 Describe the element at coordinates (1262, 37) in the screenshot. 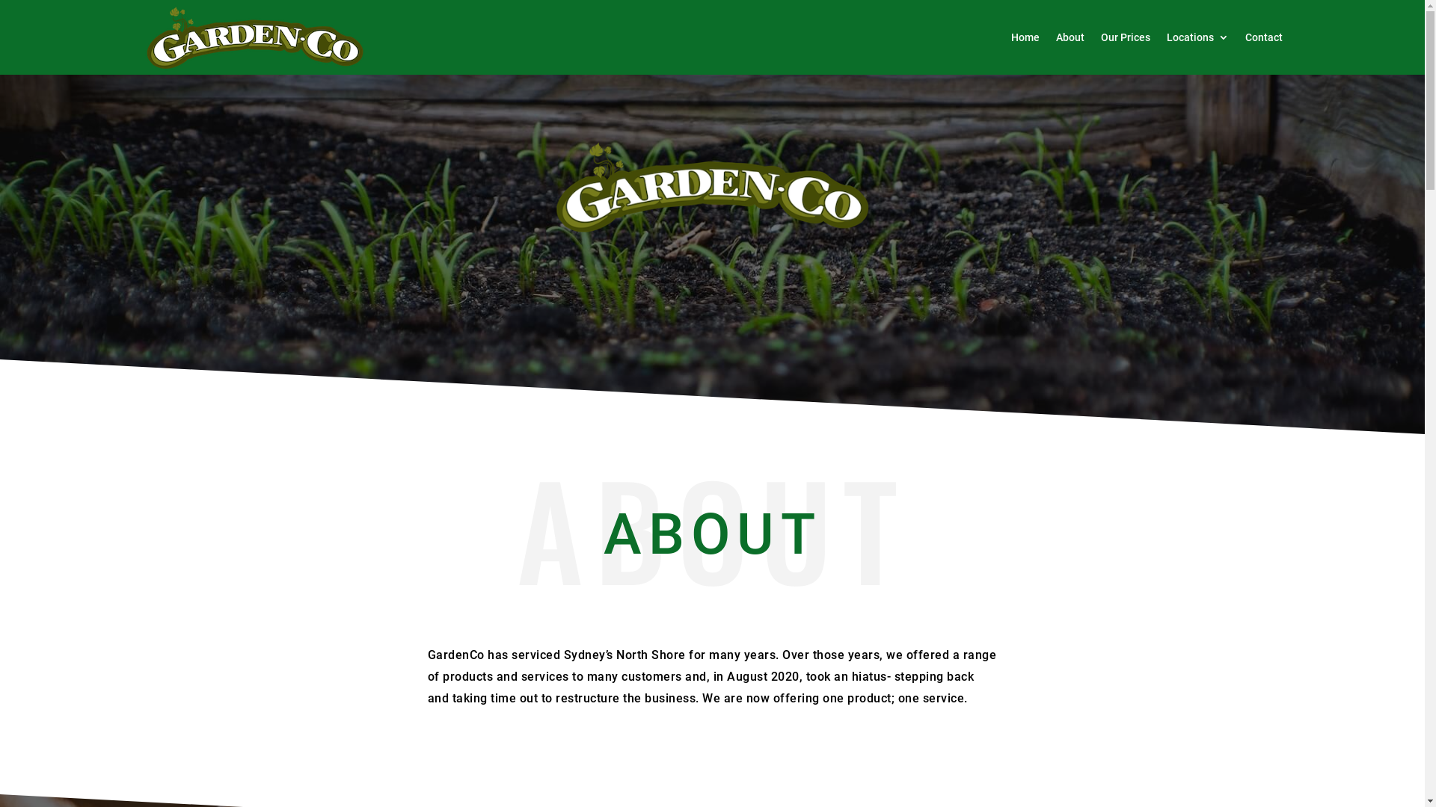

I see `'Contact'` at that location.